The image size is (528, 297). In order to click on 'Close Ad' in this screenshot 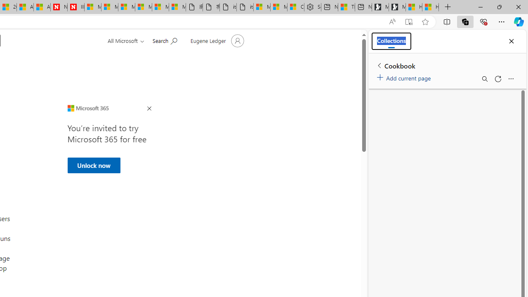, I will do `click(149, 108)`.